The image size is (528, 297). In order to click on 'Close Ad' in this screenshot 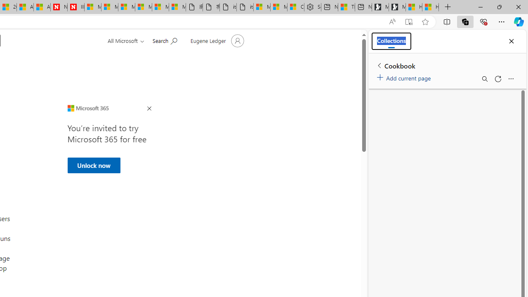, I will do `click(149, 108)`.